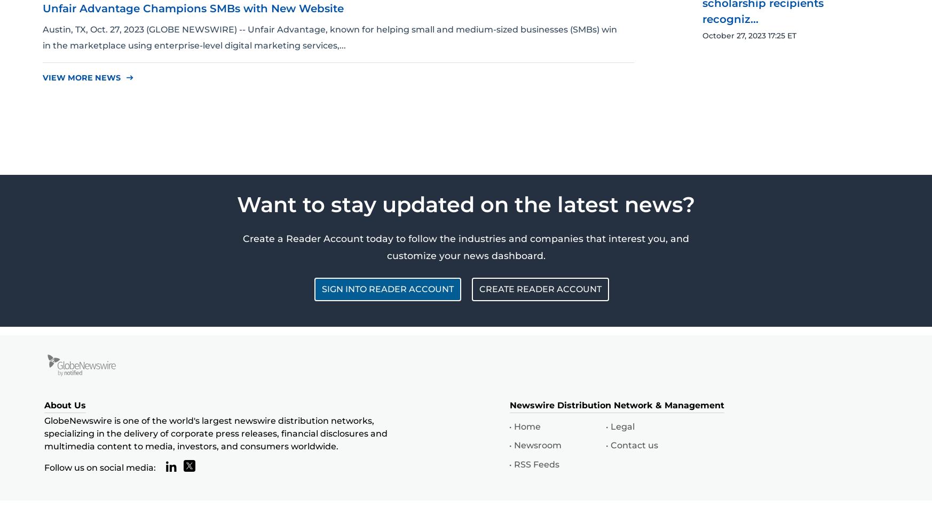 The image size is (932, 508). I want to click on 'Legal', so click(610, 426).